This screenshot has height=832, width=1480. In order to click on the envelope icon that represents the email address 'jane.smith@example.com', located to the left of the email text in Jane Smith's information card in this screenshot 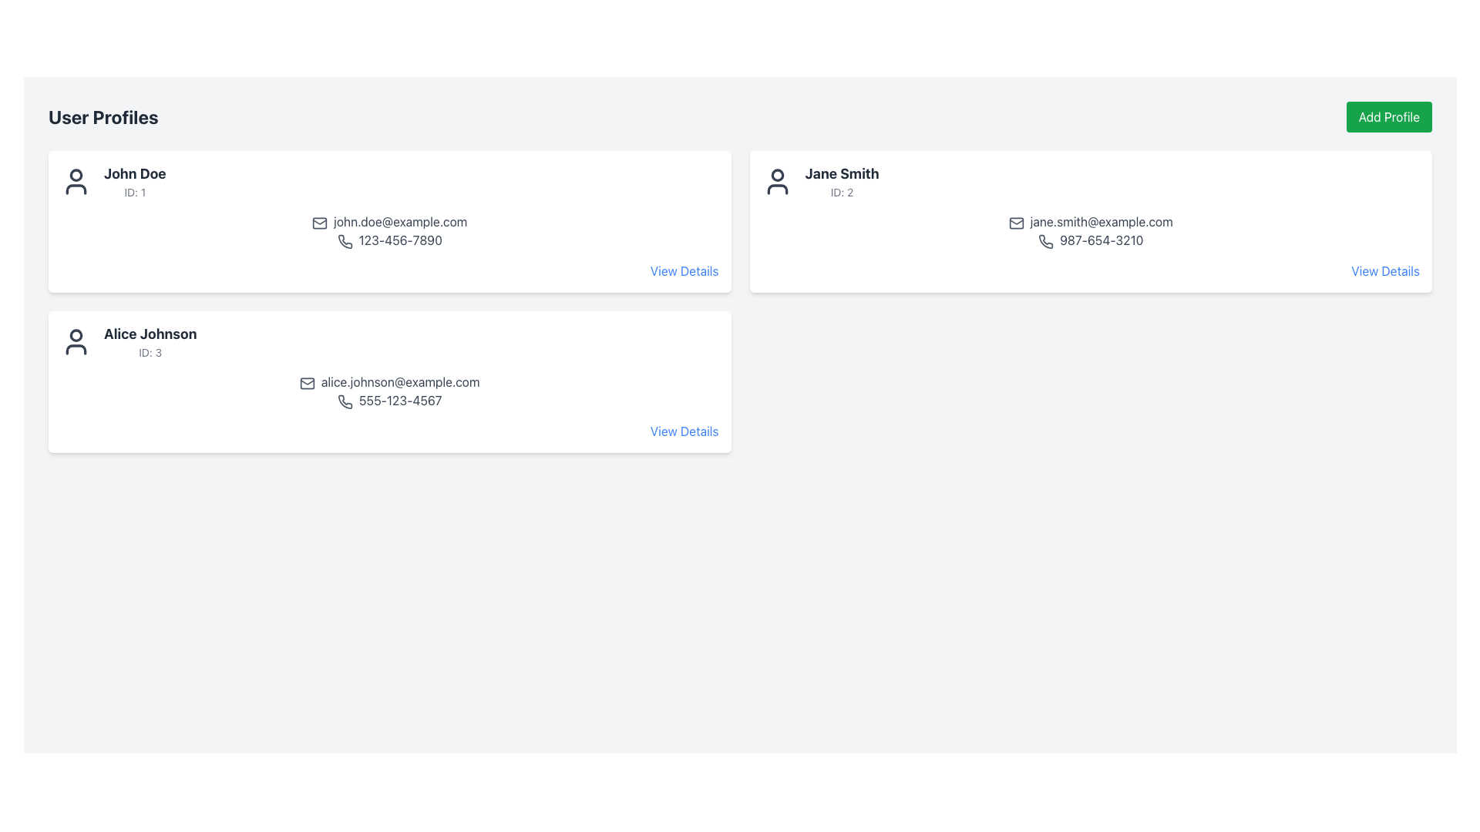, I will do `click(1016, 223)`.